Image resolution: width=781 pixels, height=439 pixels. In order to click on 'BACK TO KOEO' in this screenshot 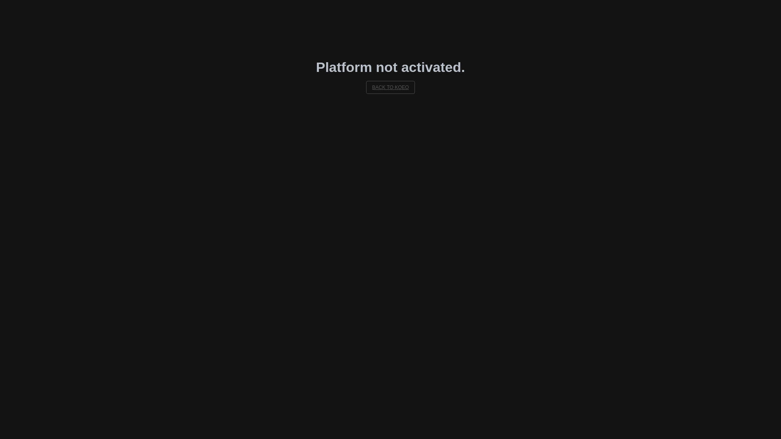, I will do `click(390, 87)`.